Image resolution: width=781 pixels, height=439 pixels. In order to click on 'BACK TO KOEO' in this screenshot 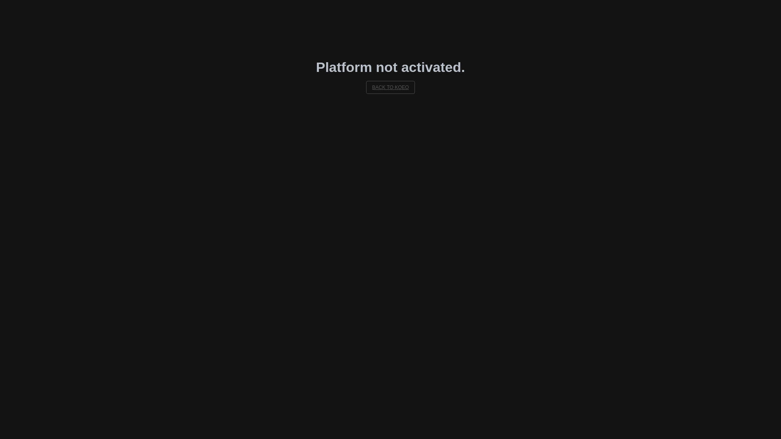, I will do `click(390, 87)`.